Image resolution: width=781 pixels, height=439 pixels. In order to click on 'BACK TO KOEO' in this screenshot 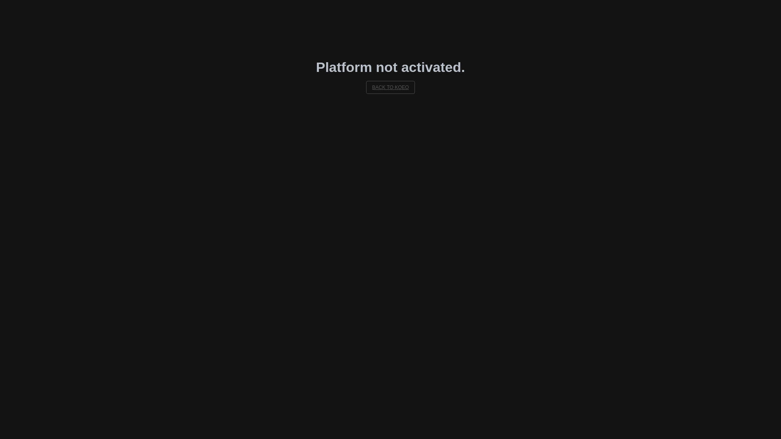, I will do `click(390, 87)`.